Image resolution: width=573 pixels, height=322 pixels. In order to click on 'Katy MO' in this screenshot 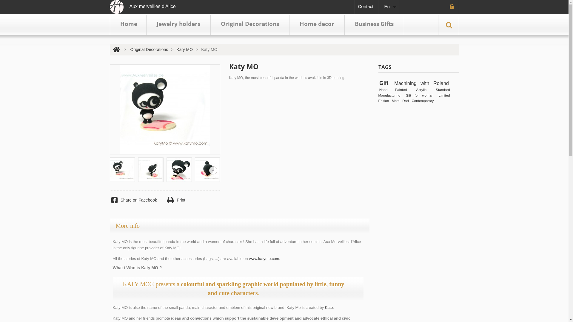, I will do `click(184, 49)`.